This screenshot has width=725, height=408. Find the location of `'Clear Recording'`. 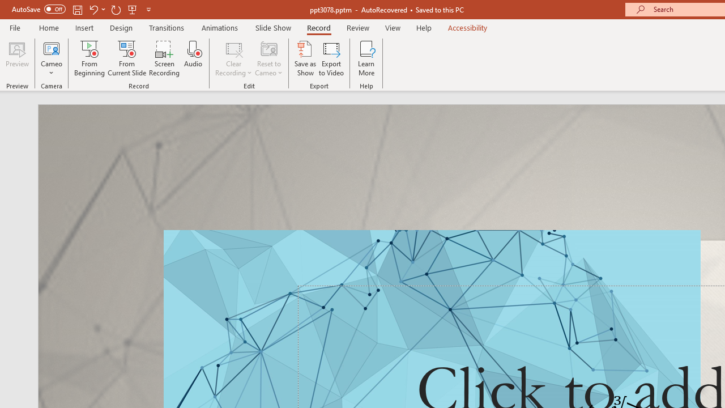

'Clear Recording' is located at coordinates (233, 58).